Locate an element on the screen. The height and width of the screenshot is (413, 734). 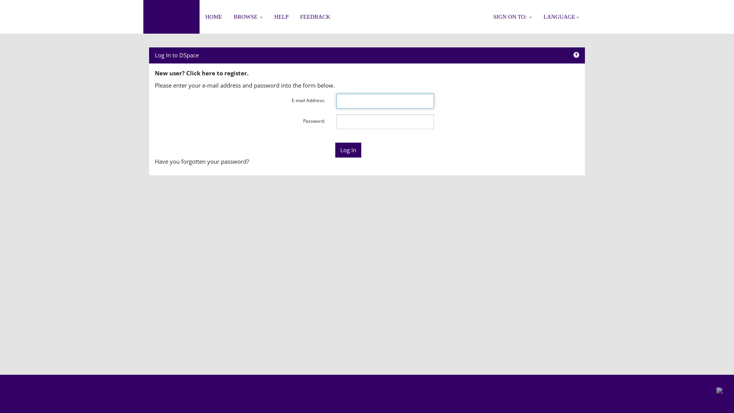
'New user? Click here to register.' is located at coordinates (201, 73).